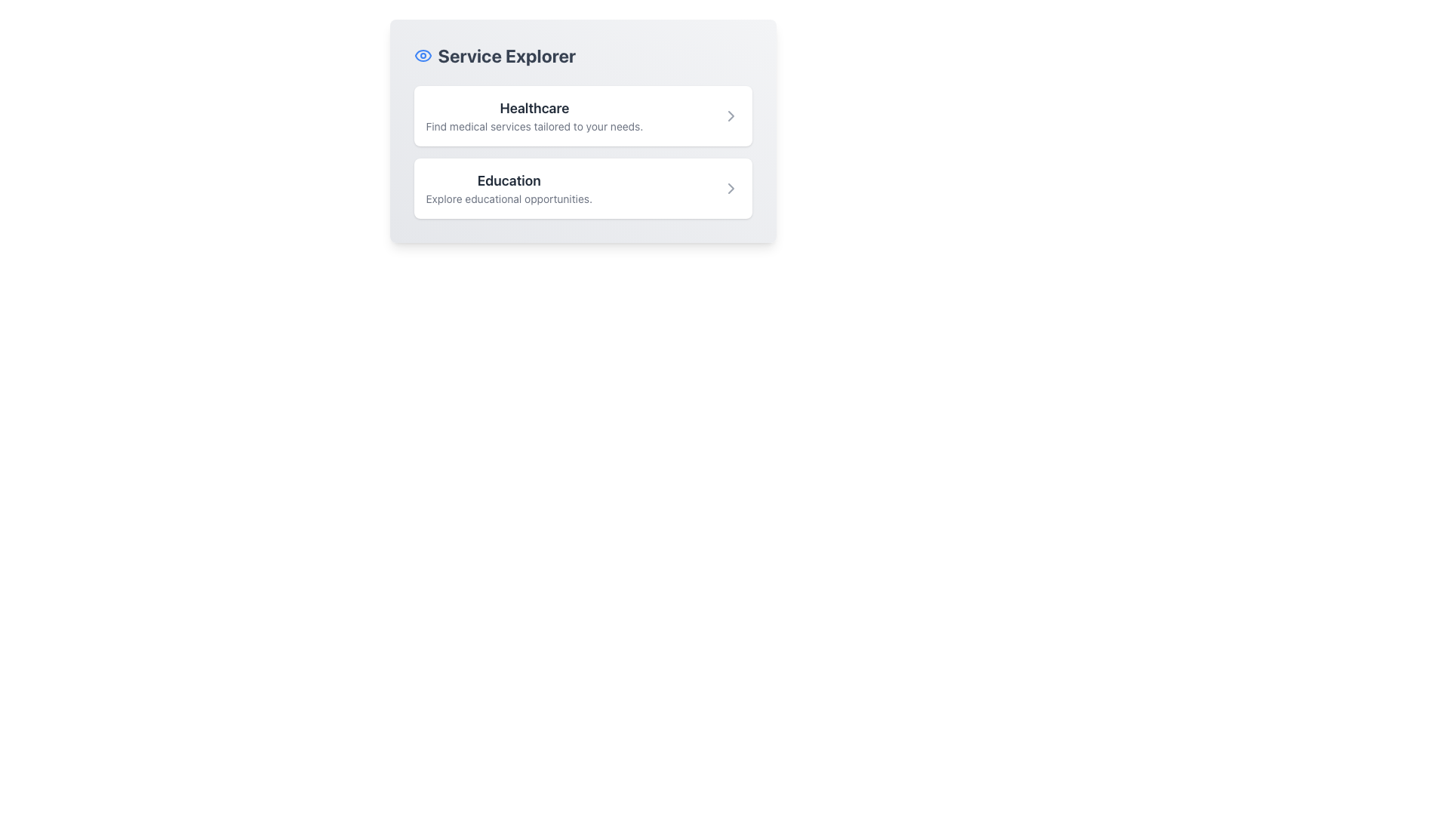 This screenshot has width=1449, height=815. What do you see at coordinates (534, 115) in the screenshot?
I see `textual information block about healthcare services located at the center of the first service card in the 'Service Explorer' section` at bounding box center [534, 115].